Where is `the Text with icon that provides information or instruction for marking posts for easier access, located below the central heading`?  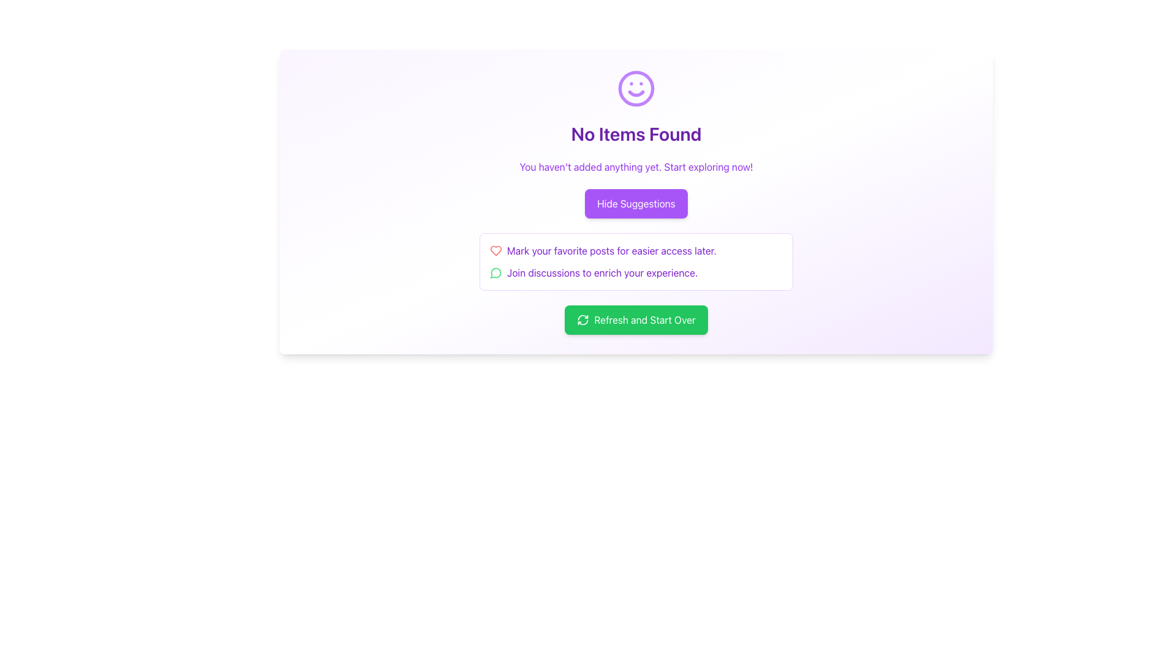 the Text with icon that provides information or instruction for marking posts for easier access, located below the central heading is located at coordinates (636, 250).